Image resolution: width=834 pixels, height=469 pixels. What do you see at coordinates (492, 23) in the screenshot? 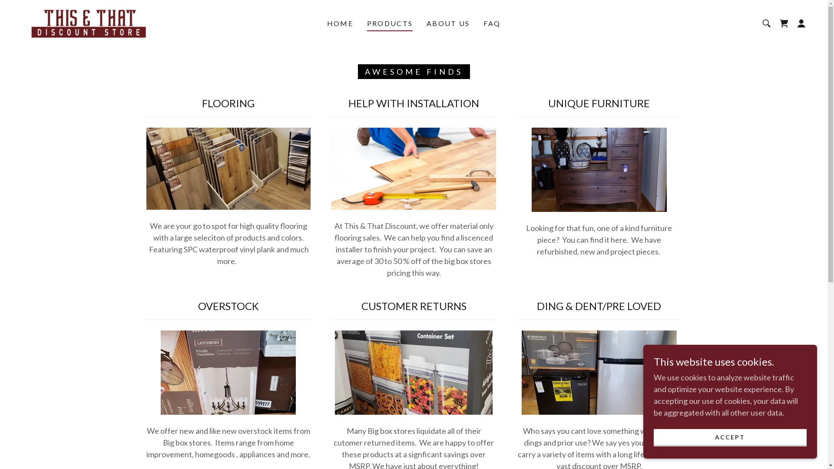
I see `'FAQ'` at bounding box center [492, 23].